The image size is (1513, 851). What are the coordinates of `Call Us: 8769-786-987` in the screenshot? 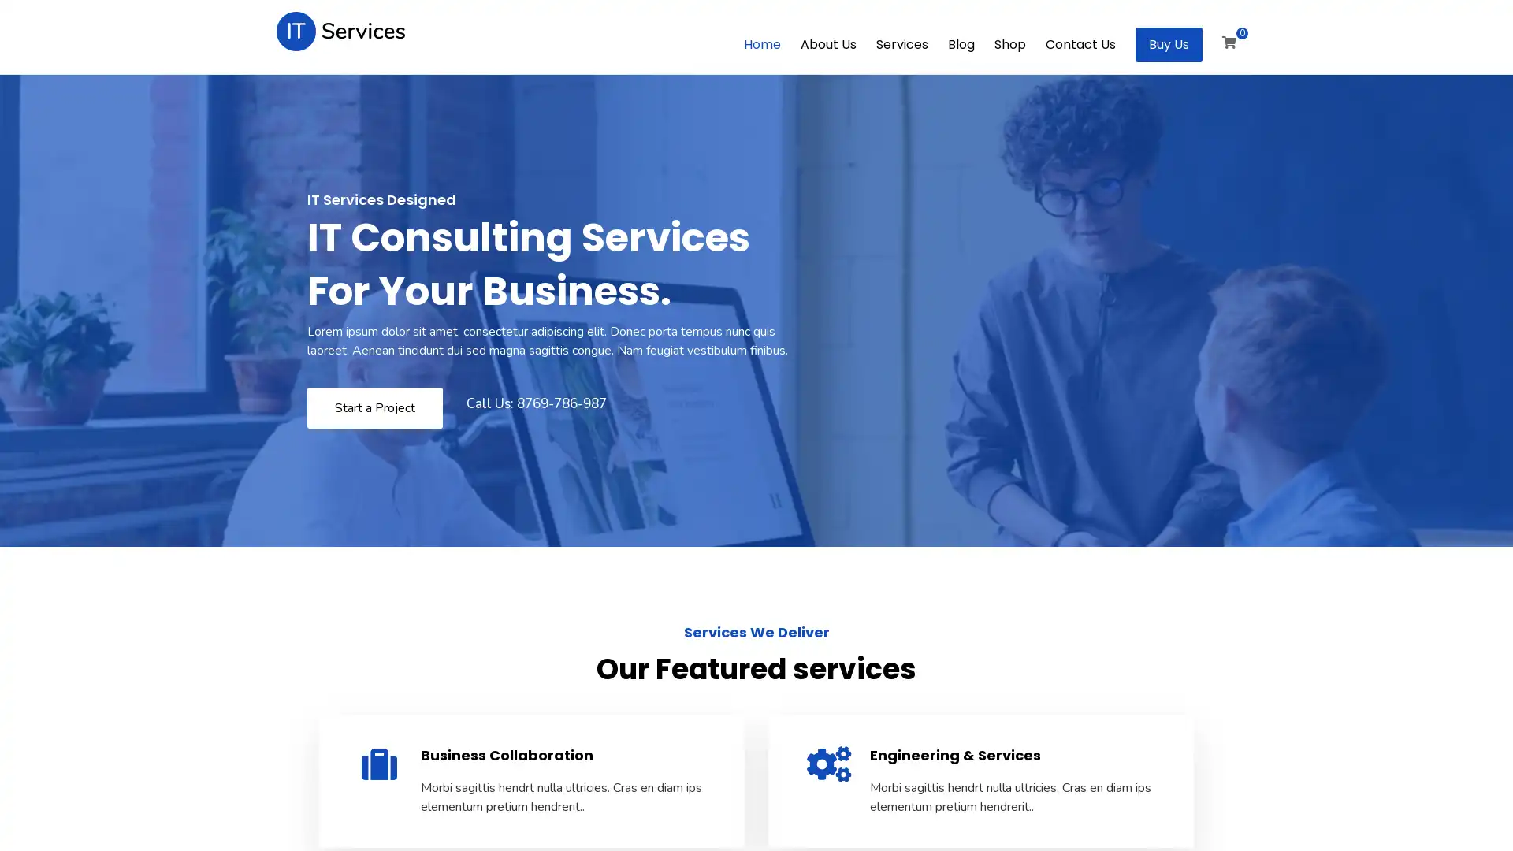 It's located at (536, 403).